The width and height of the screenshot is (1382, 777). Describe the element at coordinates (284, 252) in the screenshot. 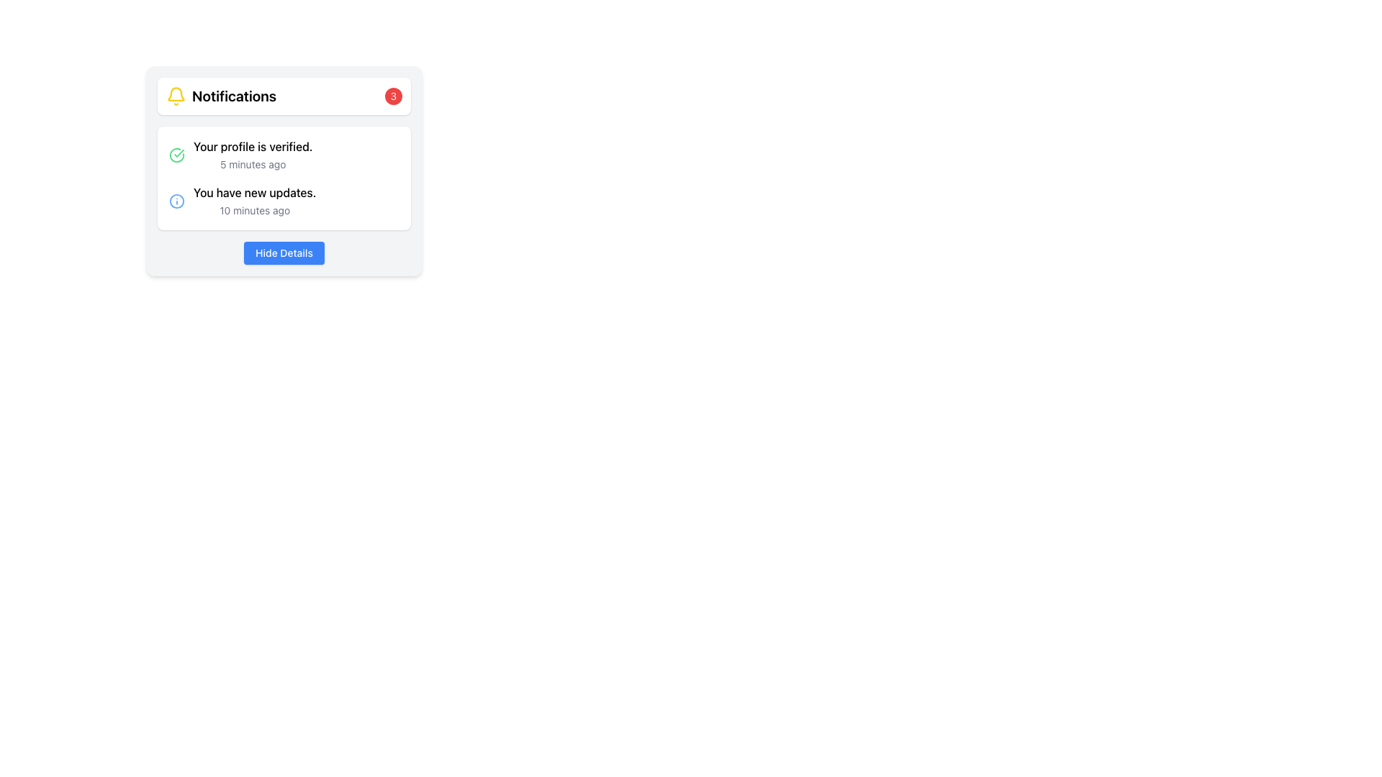

I see `the button located centrally at the bottom of the notification panel` at that location.